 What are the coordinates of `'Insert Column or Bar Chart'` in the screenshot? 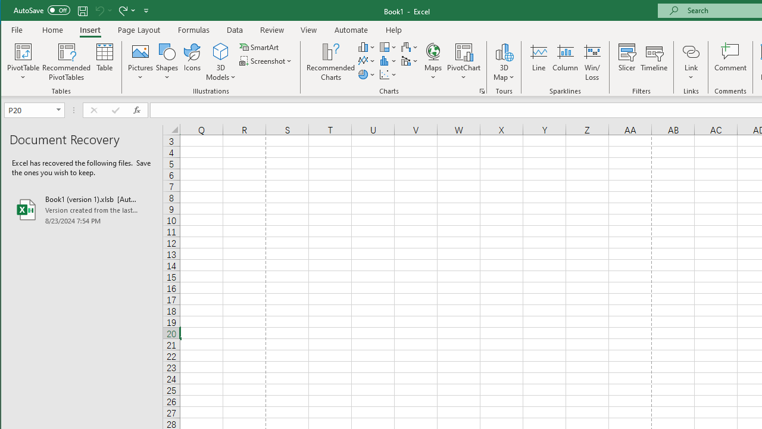 It's located at (366, 46).